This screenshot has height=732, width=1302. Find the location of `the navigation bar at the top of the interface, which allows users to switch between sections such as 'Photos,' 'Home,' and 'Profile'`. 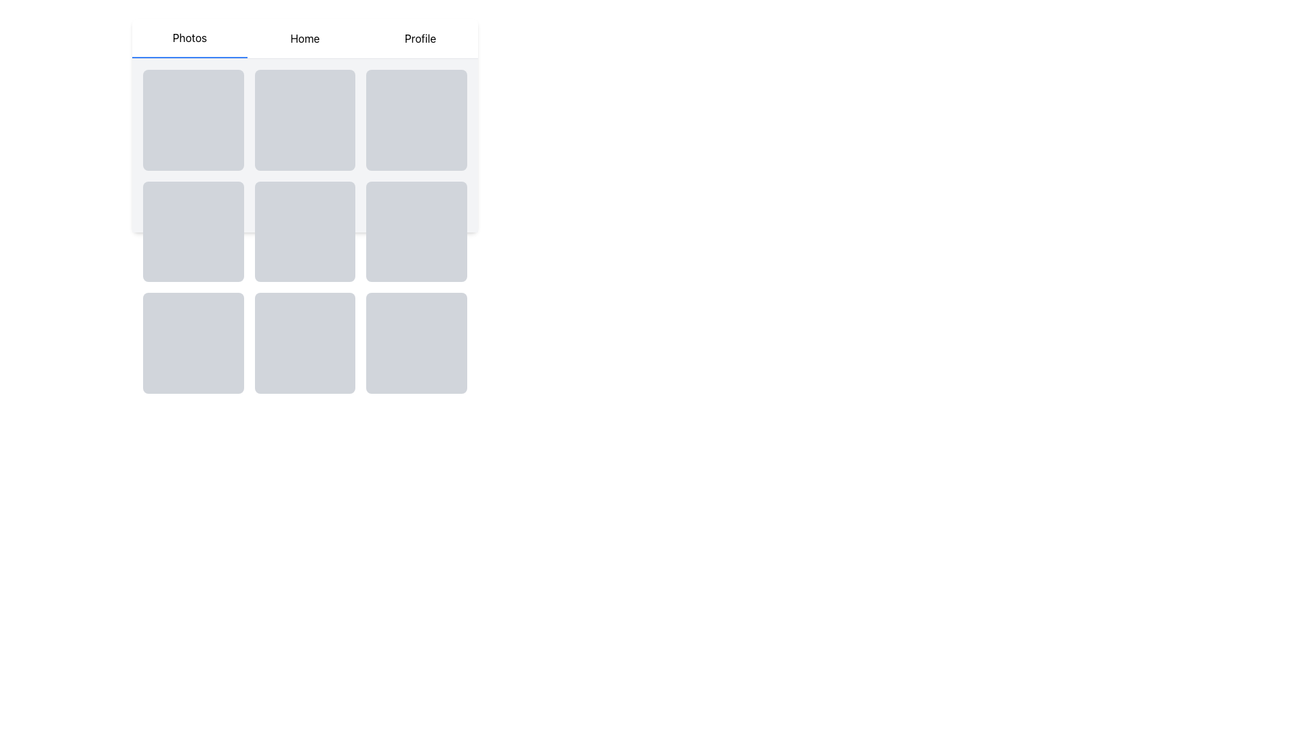

the navigation bar at the top of the interface, which allows users to switch between sections such as 'Photos,' 'Home,' and 'Profile' is located at coordinates (304, 38).